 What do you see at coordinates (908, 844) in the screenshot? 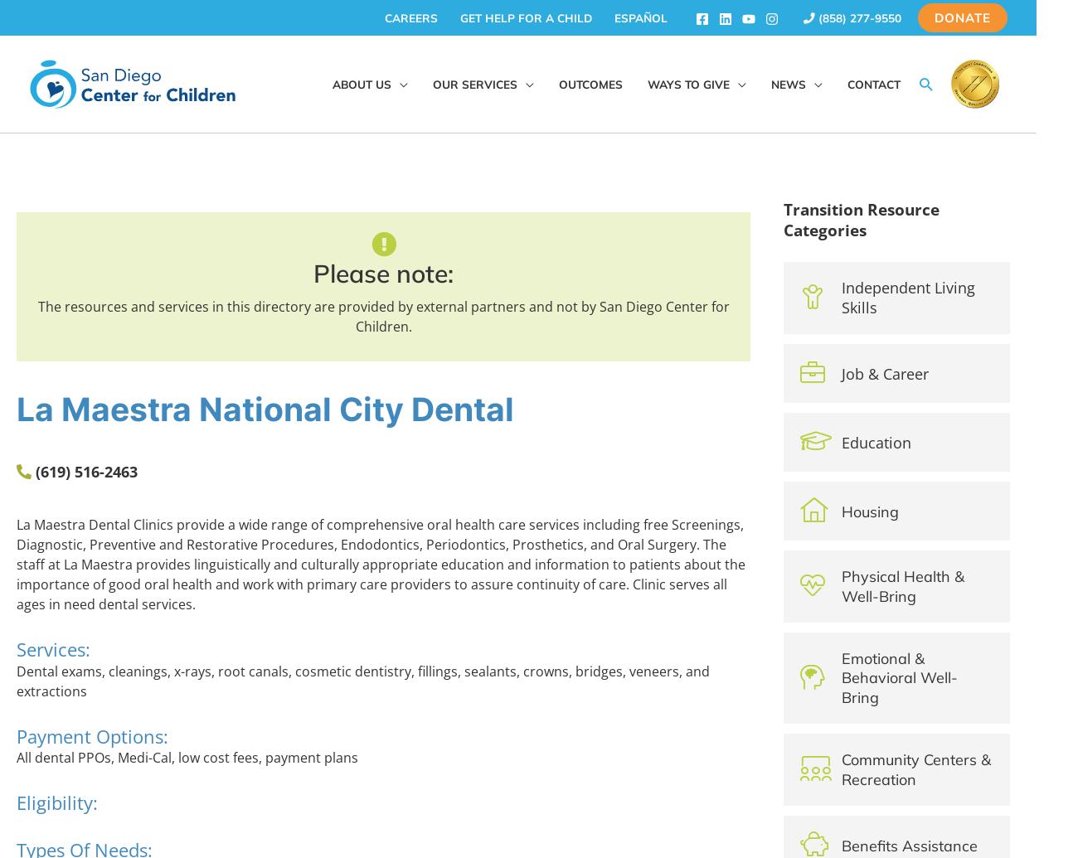
I see `'Benefits Assistance'` at bounding box center [908, 844].